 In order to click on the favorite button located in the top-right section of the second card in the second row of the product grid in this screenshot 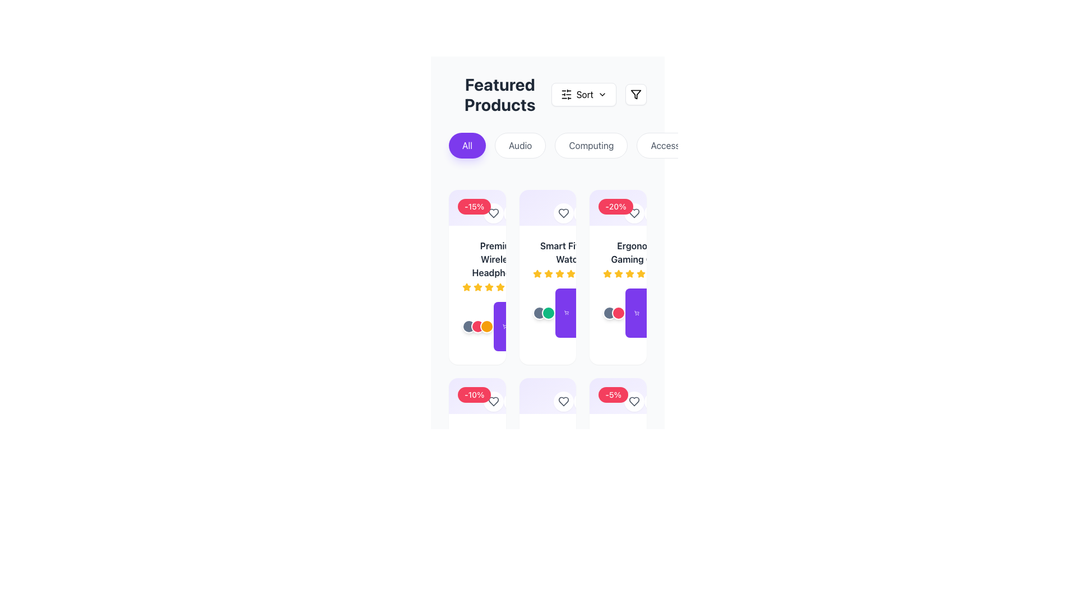, I will do `click(564, 401)`.